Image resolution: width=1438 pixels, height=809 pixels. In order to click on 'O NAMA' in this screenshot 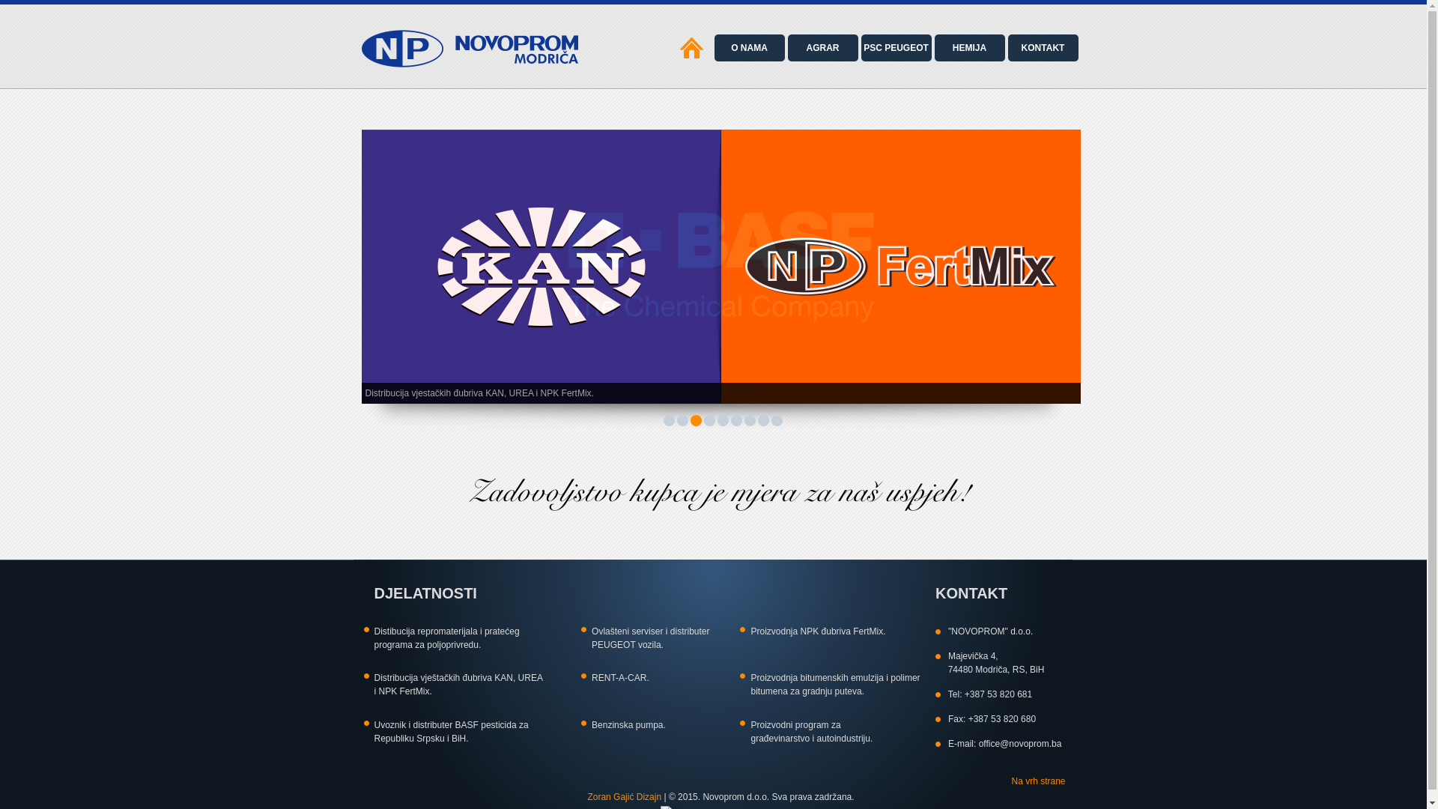, I will do `click(748, 47)`.